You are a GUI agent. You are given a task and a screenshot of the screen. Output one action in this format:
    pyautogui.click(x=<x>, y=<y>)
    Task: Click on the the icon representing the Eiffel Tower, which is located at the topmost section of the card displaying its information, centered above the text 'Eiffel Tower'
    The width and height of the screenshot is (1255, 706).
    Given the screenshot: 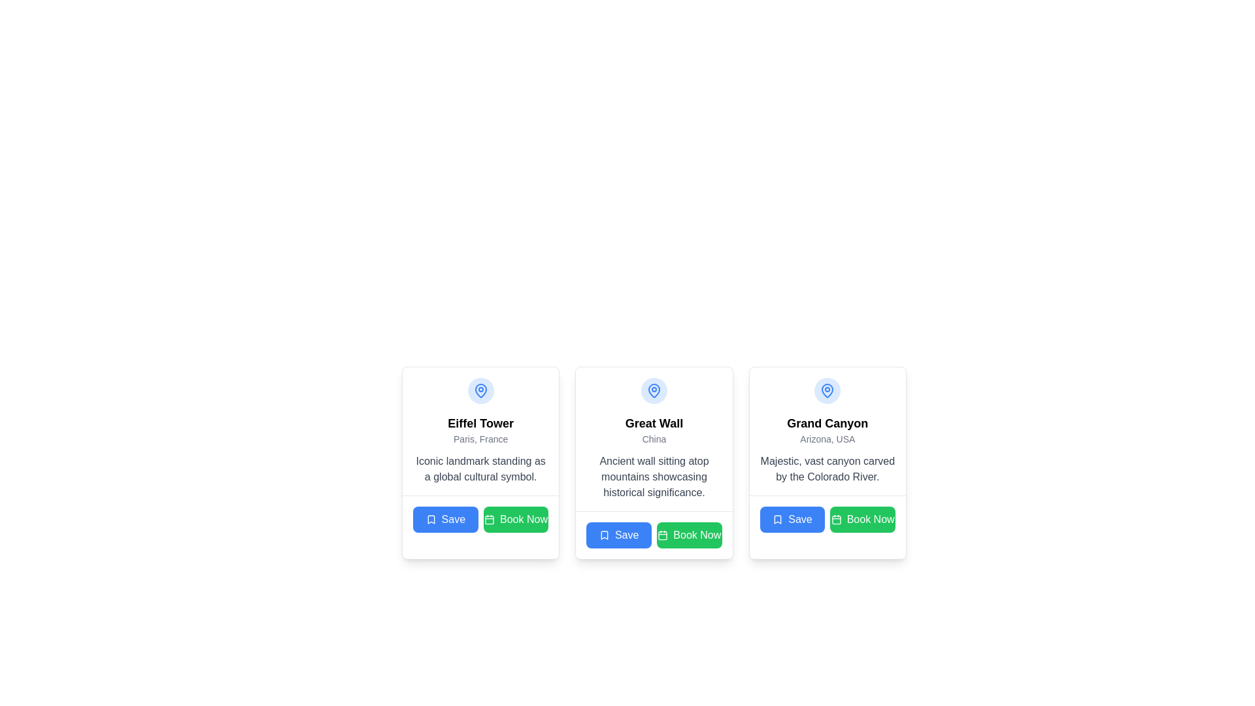 What is the action you would take?
    pyautogui.click(x=480, y=390)
    